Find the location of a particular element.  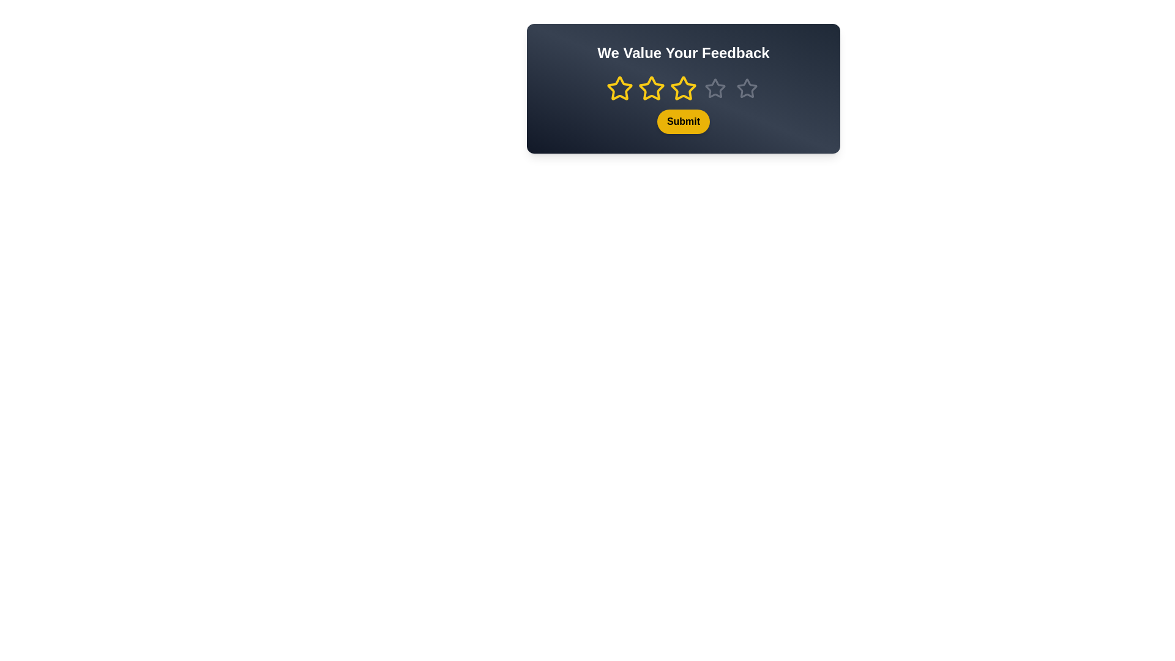

the fifth star icon in the rating component is located at coordinates (746, 88).